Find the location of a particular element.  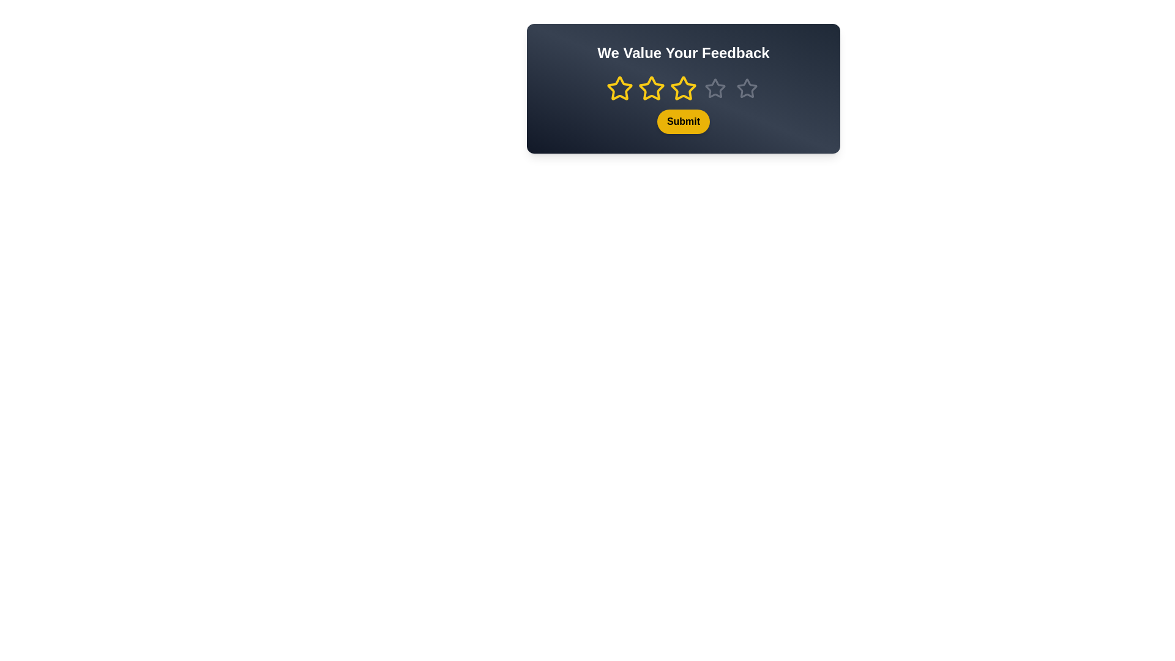

the fifth star icon in the rating component is located at coordinates (746, 88).